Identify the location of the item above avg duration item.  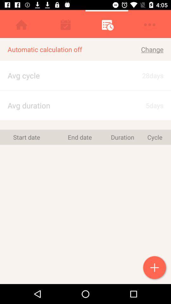
(85, 90).